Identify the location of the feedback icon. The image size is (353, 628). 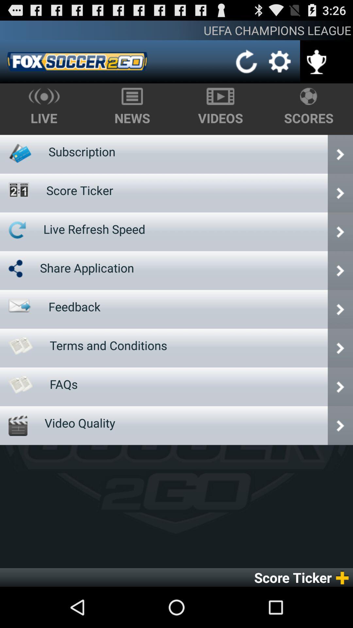
(74, 306).